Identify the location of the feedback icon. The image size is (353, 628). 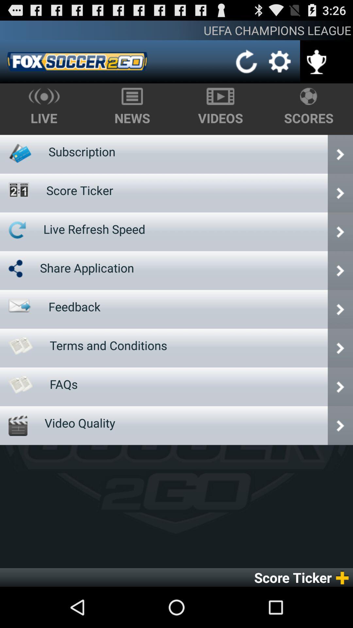
(74, 306).